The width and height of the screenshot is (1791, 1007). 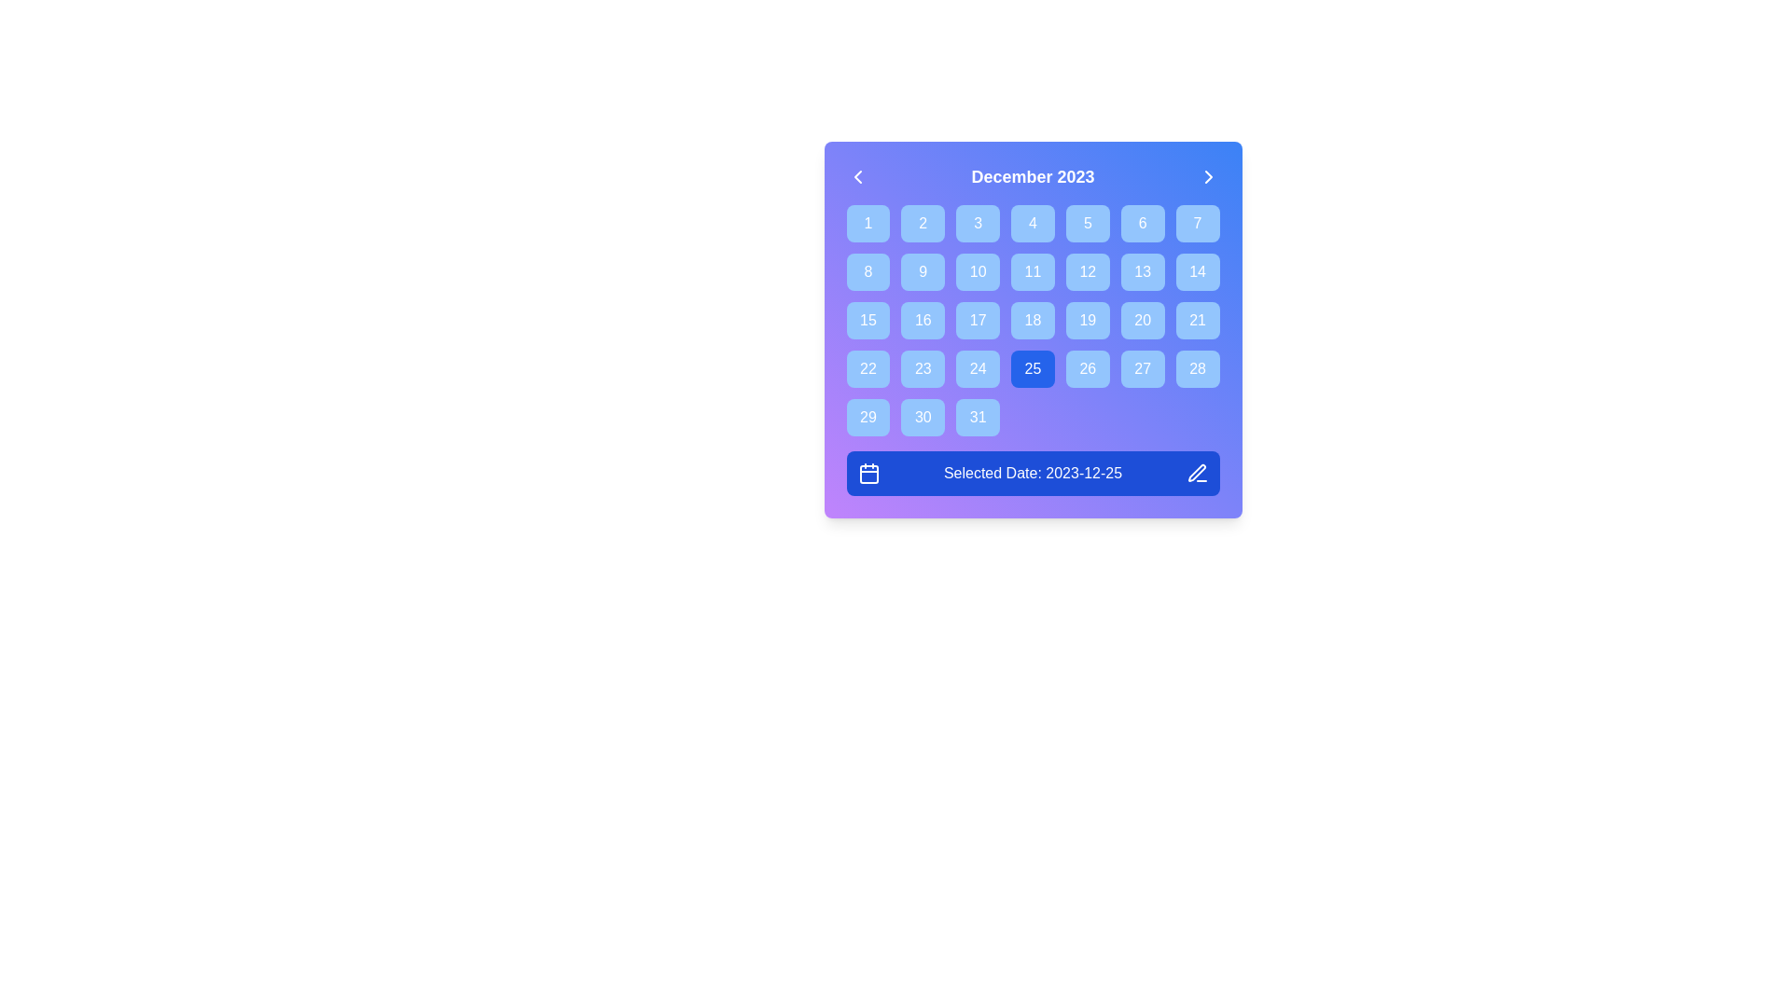 I want to click on the button representing the 5th day in the calendar, so click(x=1088, y=222).